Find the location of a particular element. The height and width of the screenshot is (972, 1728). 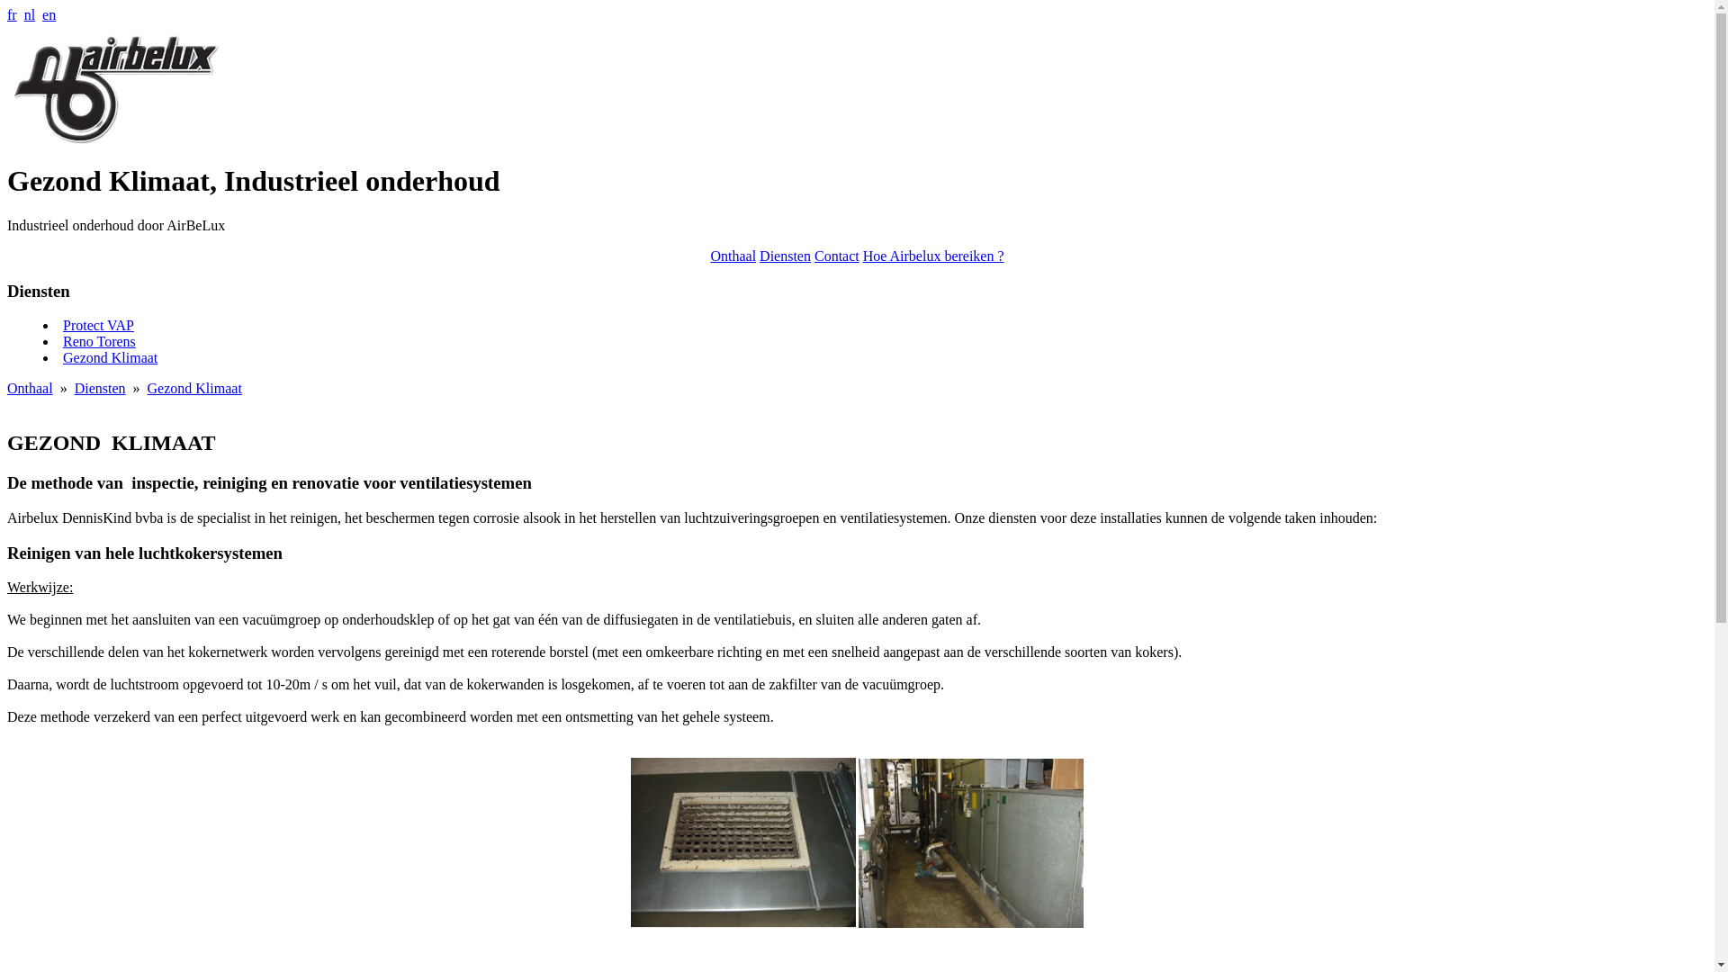

'en' is located at coordinates (49, 14).